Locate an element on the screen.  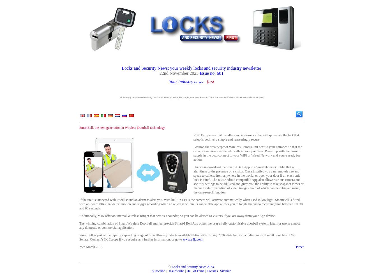
'SmartBell is part of the rapidly expanding range of SmartHome products available Nationwide through Y3K distributors including more than 90 branches of WF Senate. Contact Y3K Europe if you require any further information, or go to' is located at coordinates (187, 237).